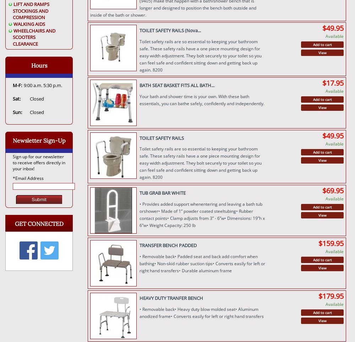 The width and height of the screenshot is (355, 342). I want to click on 'TOILET SAFETY RAILS', so click(161, 138).